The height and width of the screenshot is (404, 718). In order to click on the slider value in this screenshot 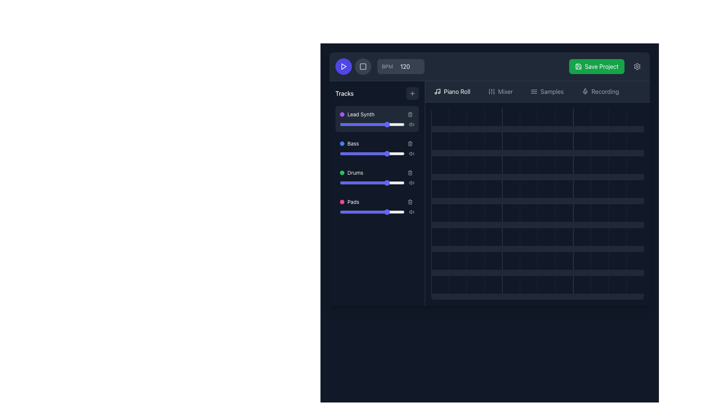, I will do `click(368, 153)`.